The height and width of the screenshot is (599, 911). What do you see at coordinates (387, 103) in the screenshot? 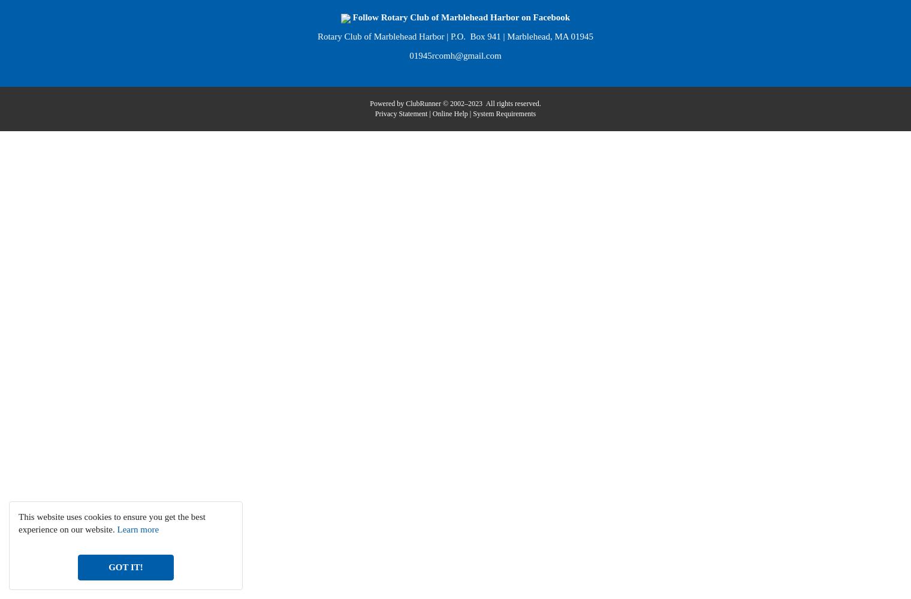
I see `'Powered by'` at bounding box center [387, 103].